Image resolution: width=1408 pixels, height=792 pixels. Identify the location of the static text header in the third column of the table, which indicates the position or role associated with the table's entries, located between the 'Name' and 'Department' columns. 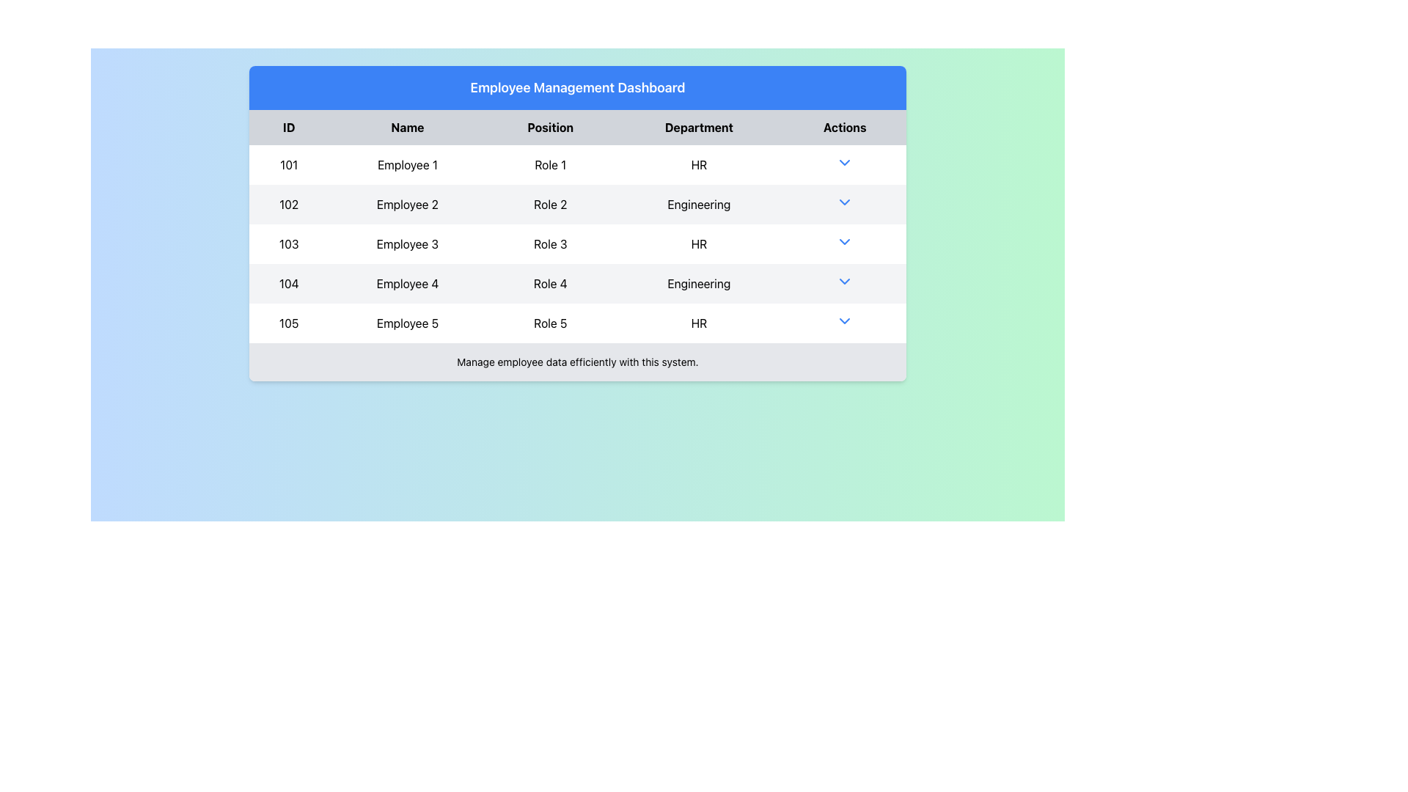
(549, 126).